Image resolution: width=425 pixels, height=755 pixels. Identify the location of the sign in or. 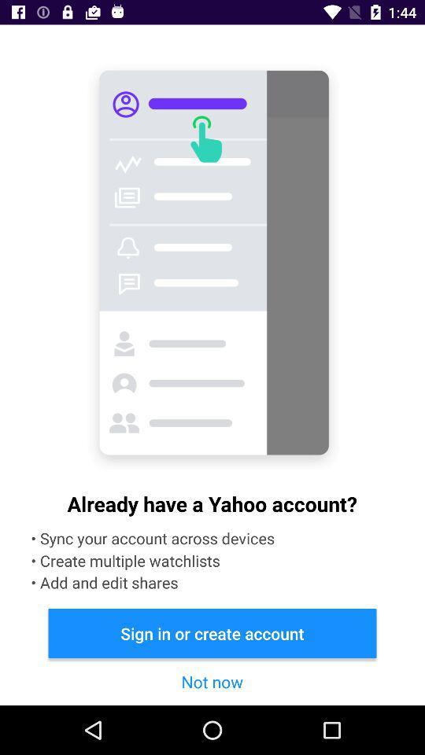
(213, 633).